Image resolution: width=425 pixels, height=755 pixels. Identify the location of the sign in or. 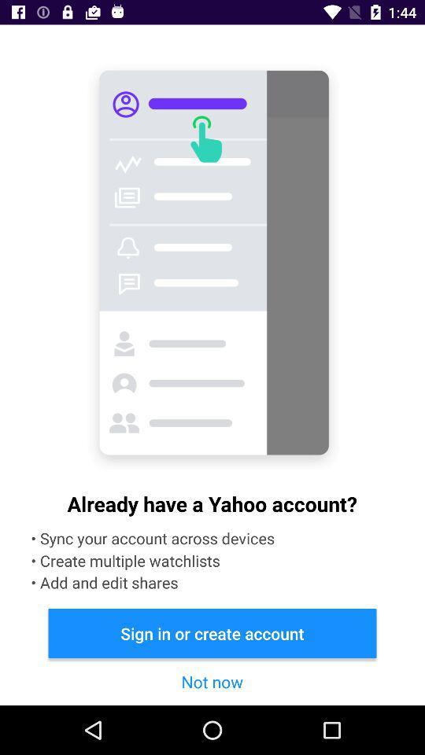
(213, 633).